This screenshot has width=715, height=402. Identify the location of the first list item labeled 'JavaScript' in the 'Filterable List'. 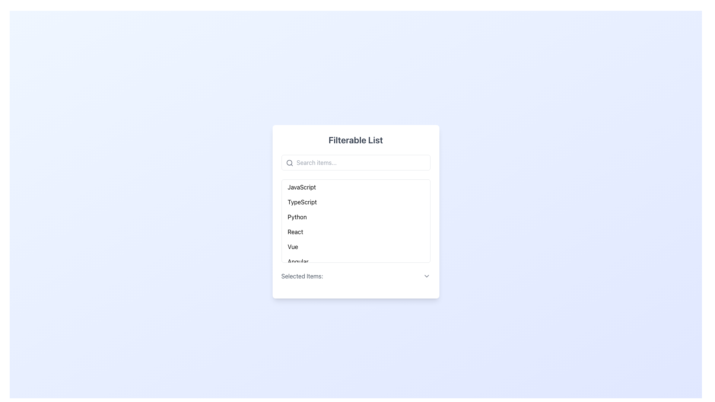
(302, 186).